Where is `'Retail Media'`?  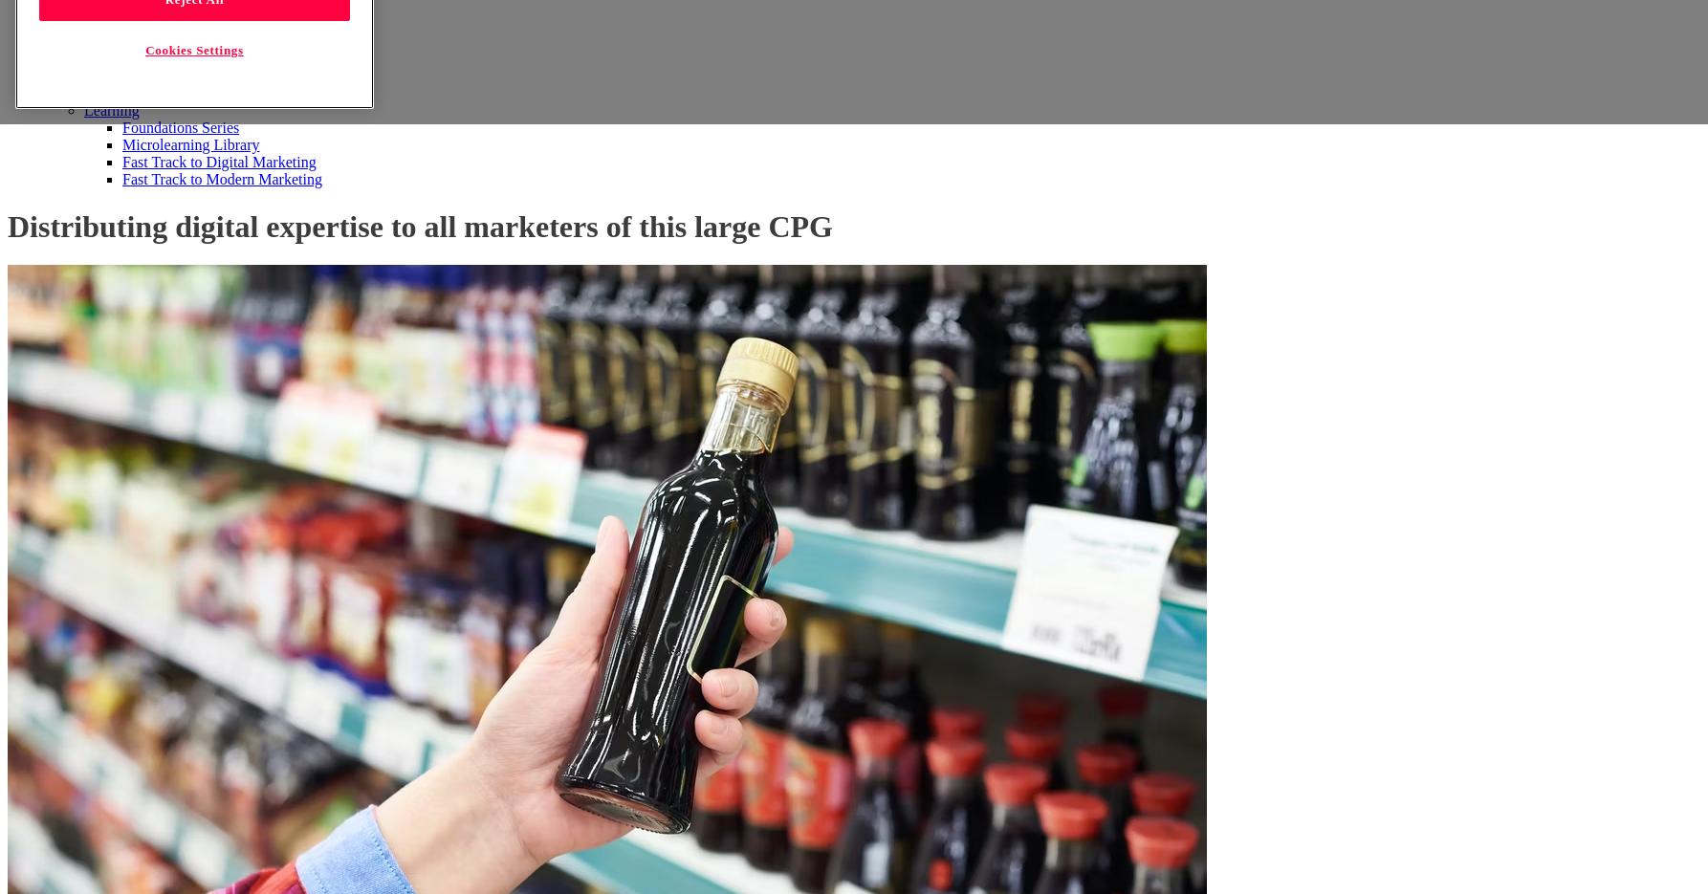 'Retail Media' is located at coordinates (161, 76).